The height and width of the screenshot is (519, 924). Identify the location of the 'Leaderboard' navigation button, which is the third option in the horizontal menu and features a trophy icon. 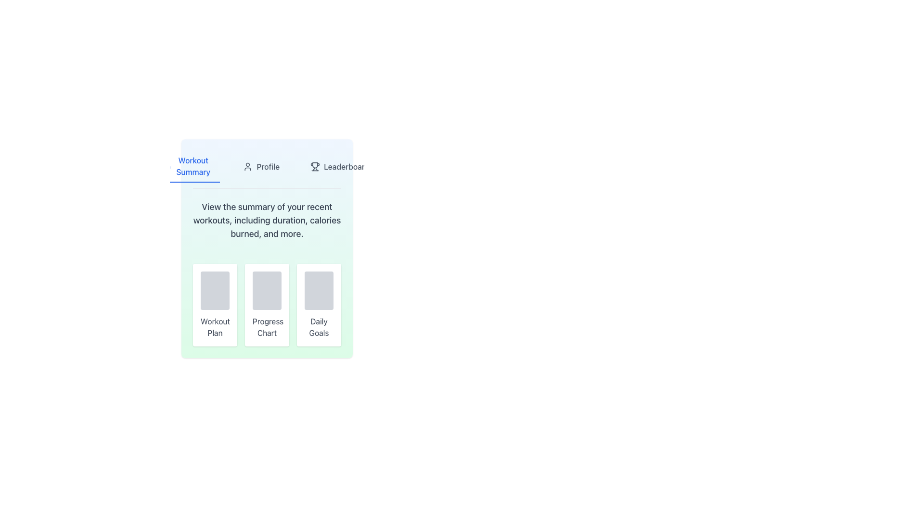
(340, 166).